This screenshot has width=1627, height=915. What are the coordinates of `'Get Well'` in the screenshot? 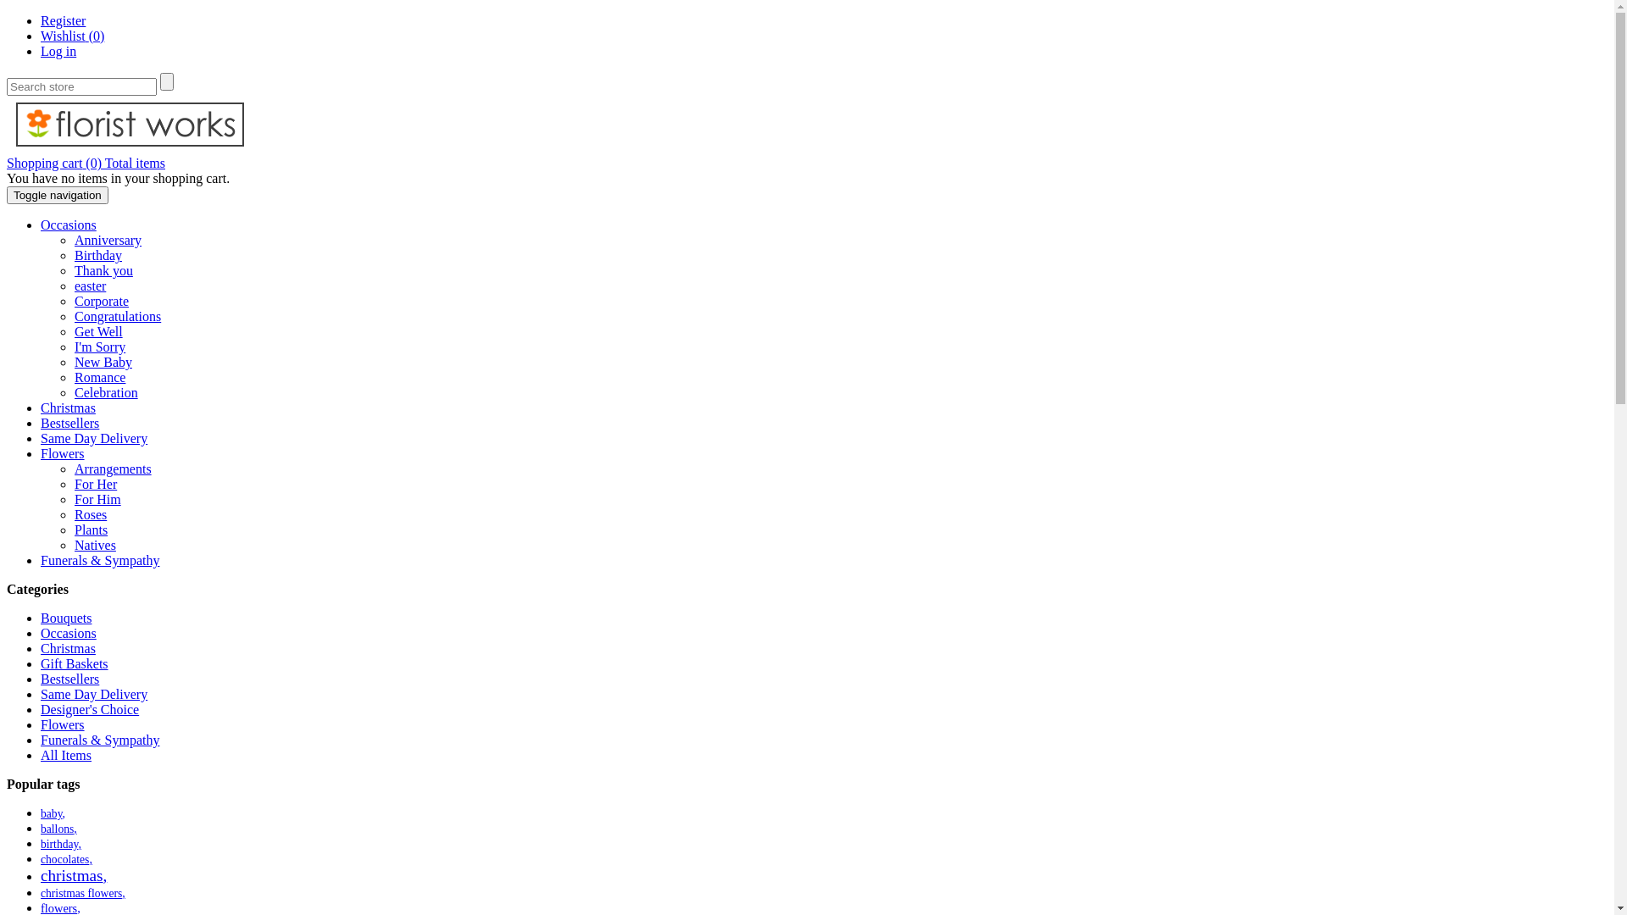 It's located at (97, 331).